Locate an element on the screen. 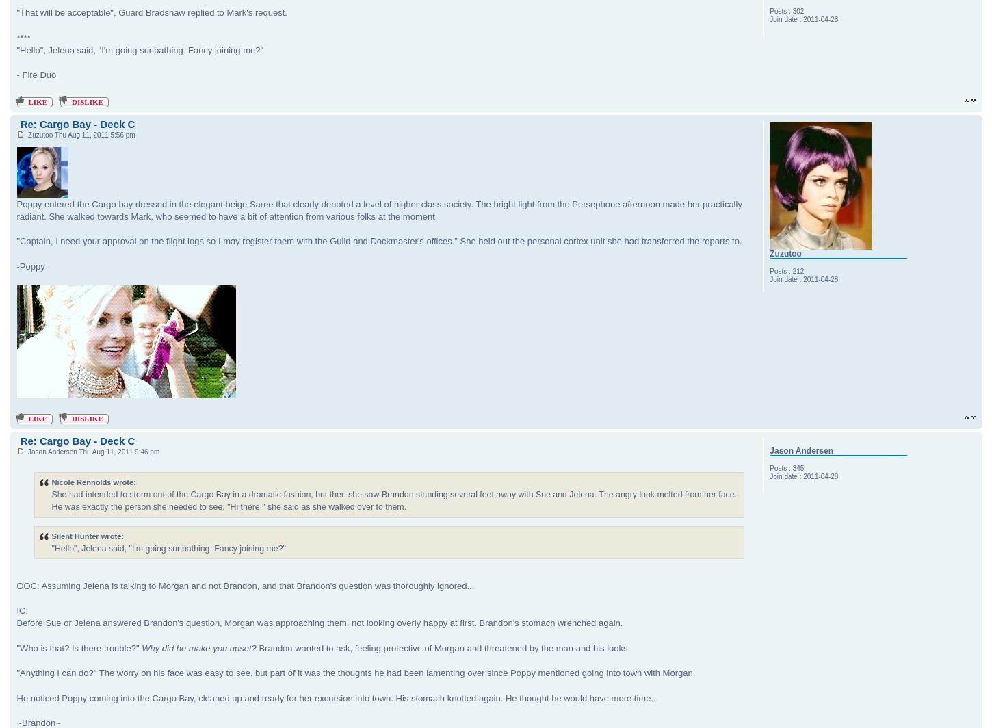  '302' is located at coordinates (791, 11).